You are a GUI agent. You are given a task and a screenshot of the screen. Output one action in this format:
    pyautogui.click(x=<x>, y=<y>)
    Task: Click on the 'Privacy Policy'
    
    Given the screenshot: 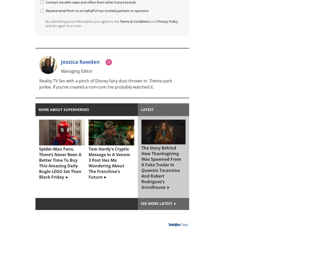 What is the action you would take?
    pyautogui.click(x=167, y=21)
    